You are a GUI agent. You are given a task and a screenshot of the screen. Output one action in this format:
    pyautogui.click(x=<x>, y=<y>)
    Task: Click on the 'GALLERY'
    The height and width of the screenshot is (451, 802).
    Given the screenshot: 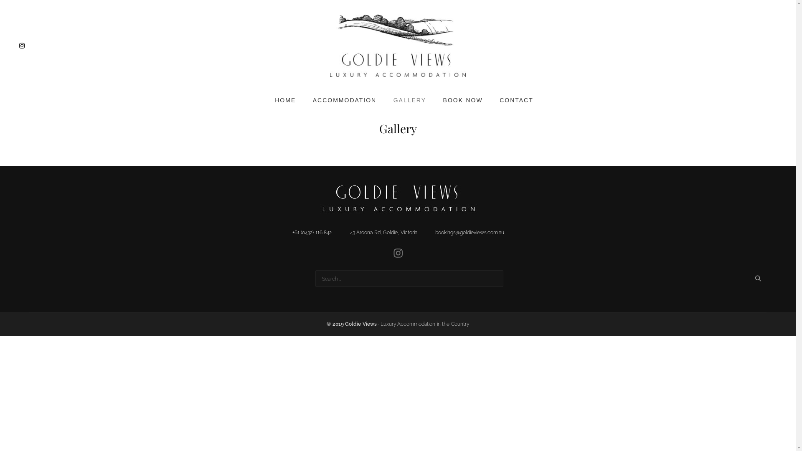 What is the action you would take?
    pyautogui.click(x=409, y=99)
    